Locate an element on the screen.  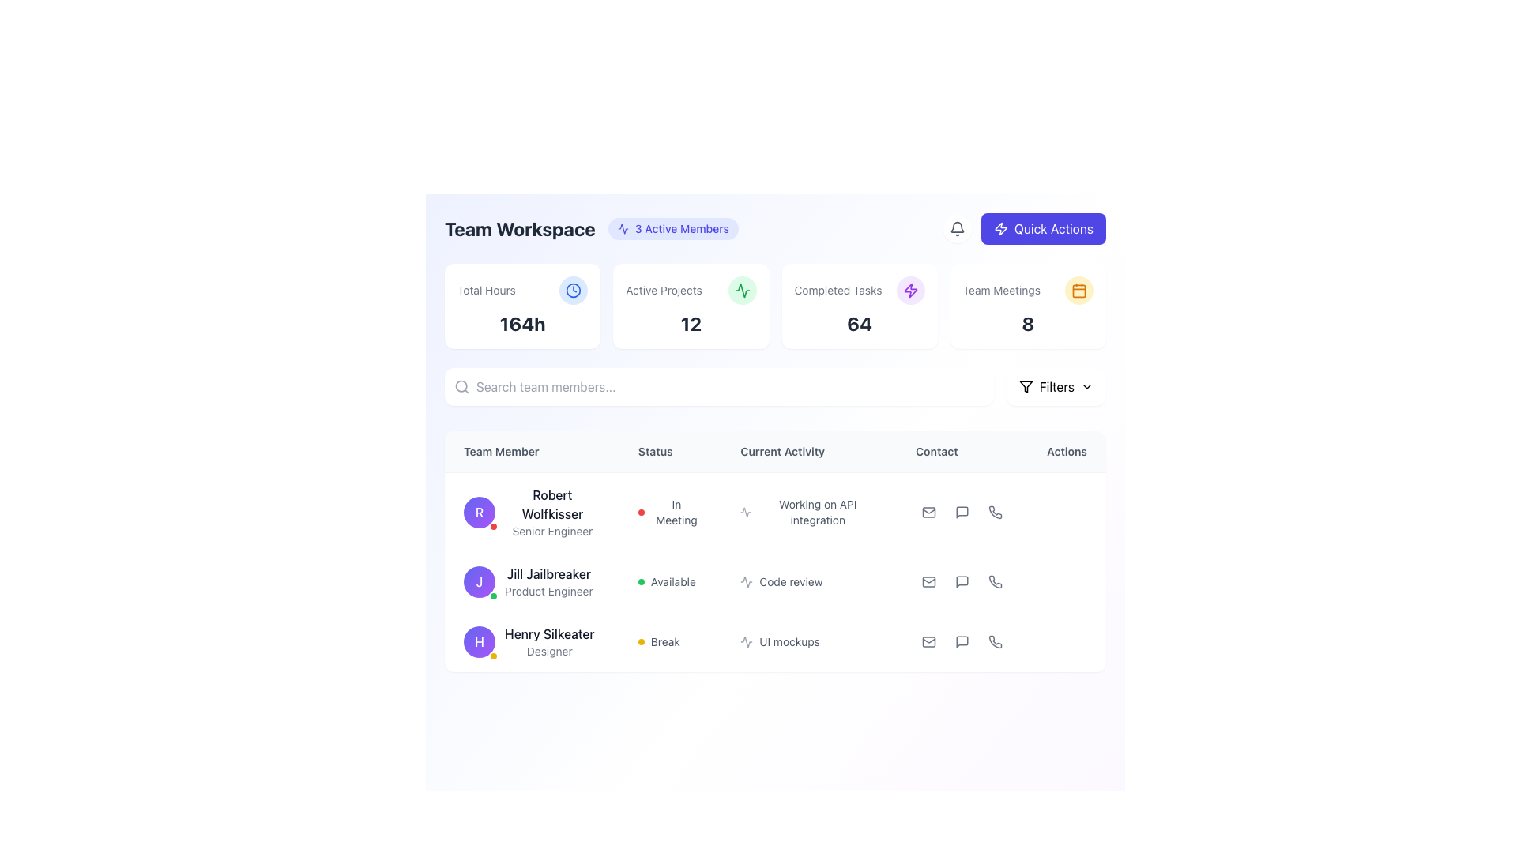
text displayed in the Text Display with Icon that shows 'Working on API integration', located in the 'Current Activity' column, aligned with 'Robert Wolfkisser' in the 'Team Member' column is located at coordinates (809, 512).